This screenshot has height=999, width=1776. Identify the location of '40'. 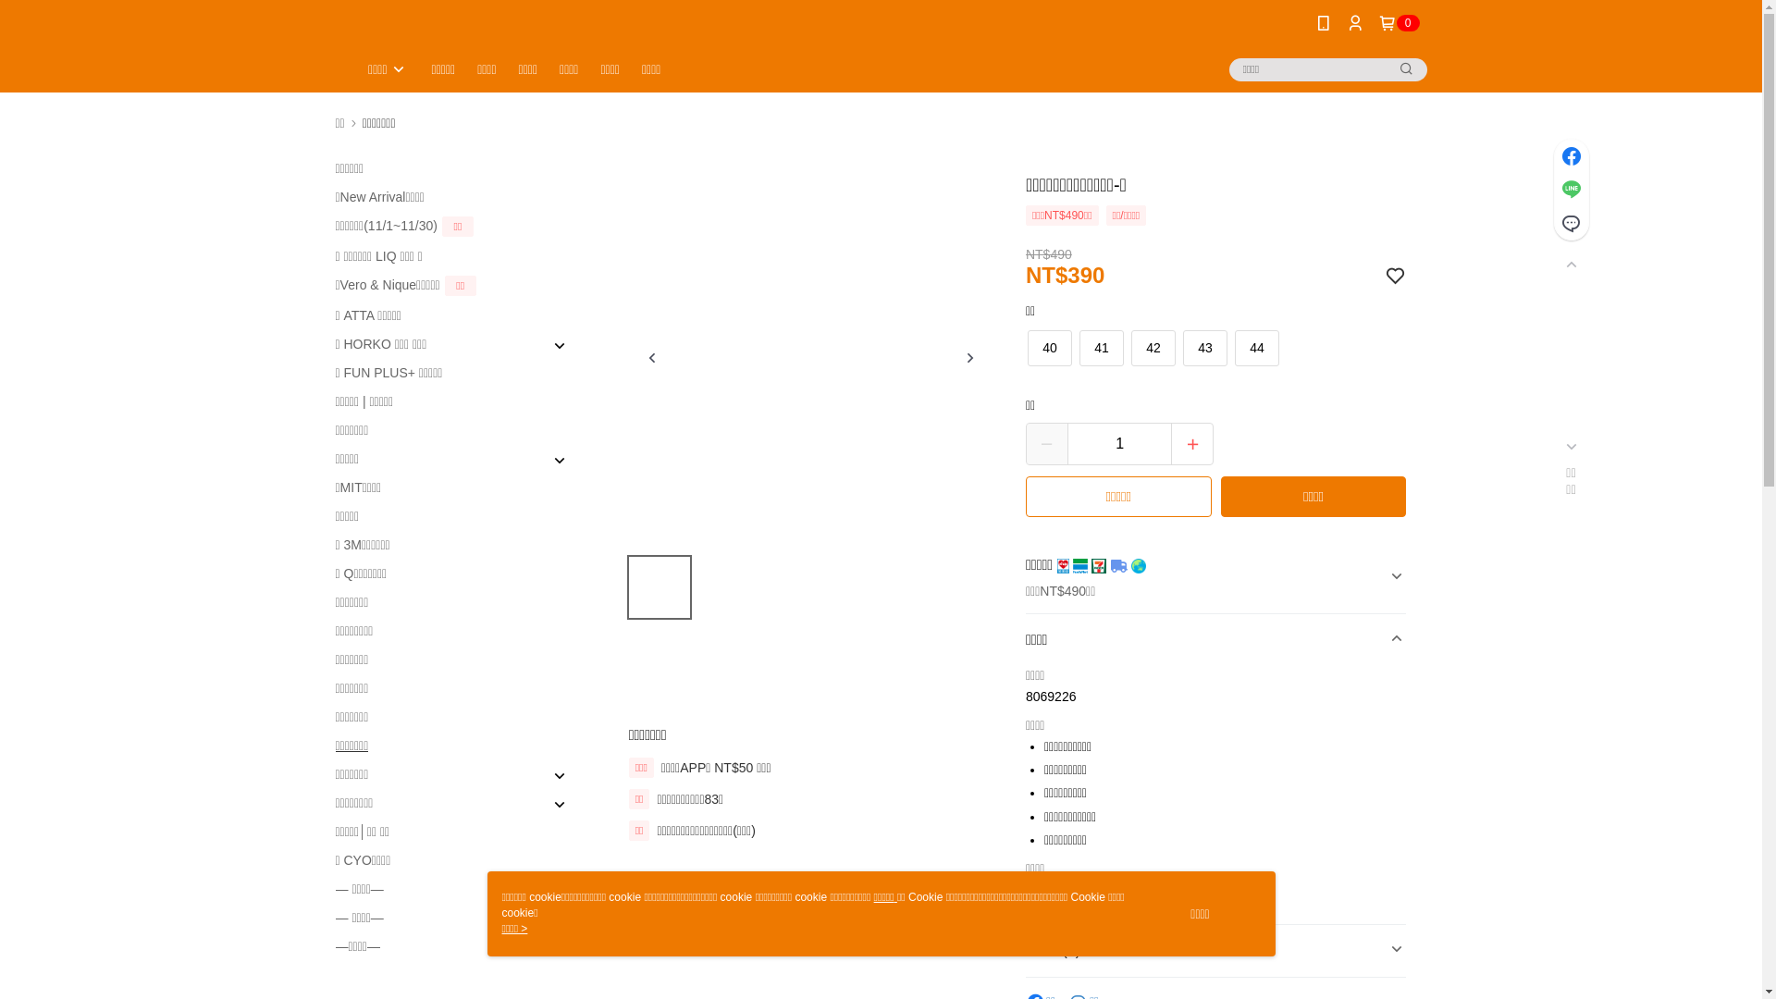
(1049, 348).